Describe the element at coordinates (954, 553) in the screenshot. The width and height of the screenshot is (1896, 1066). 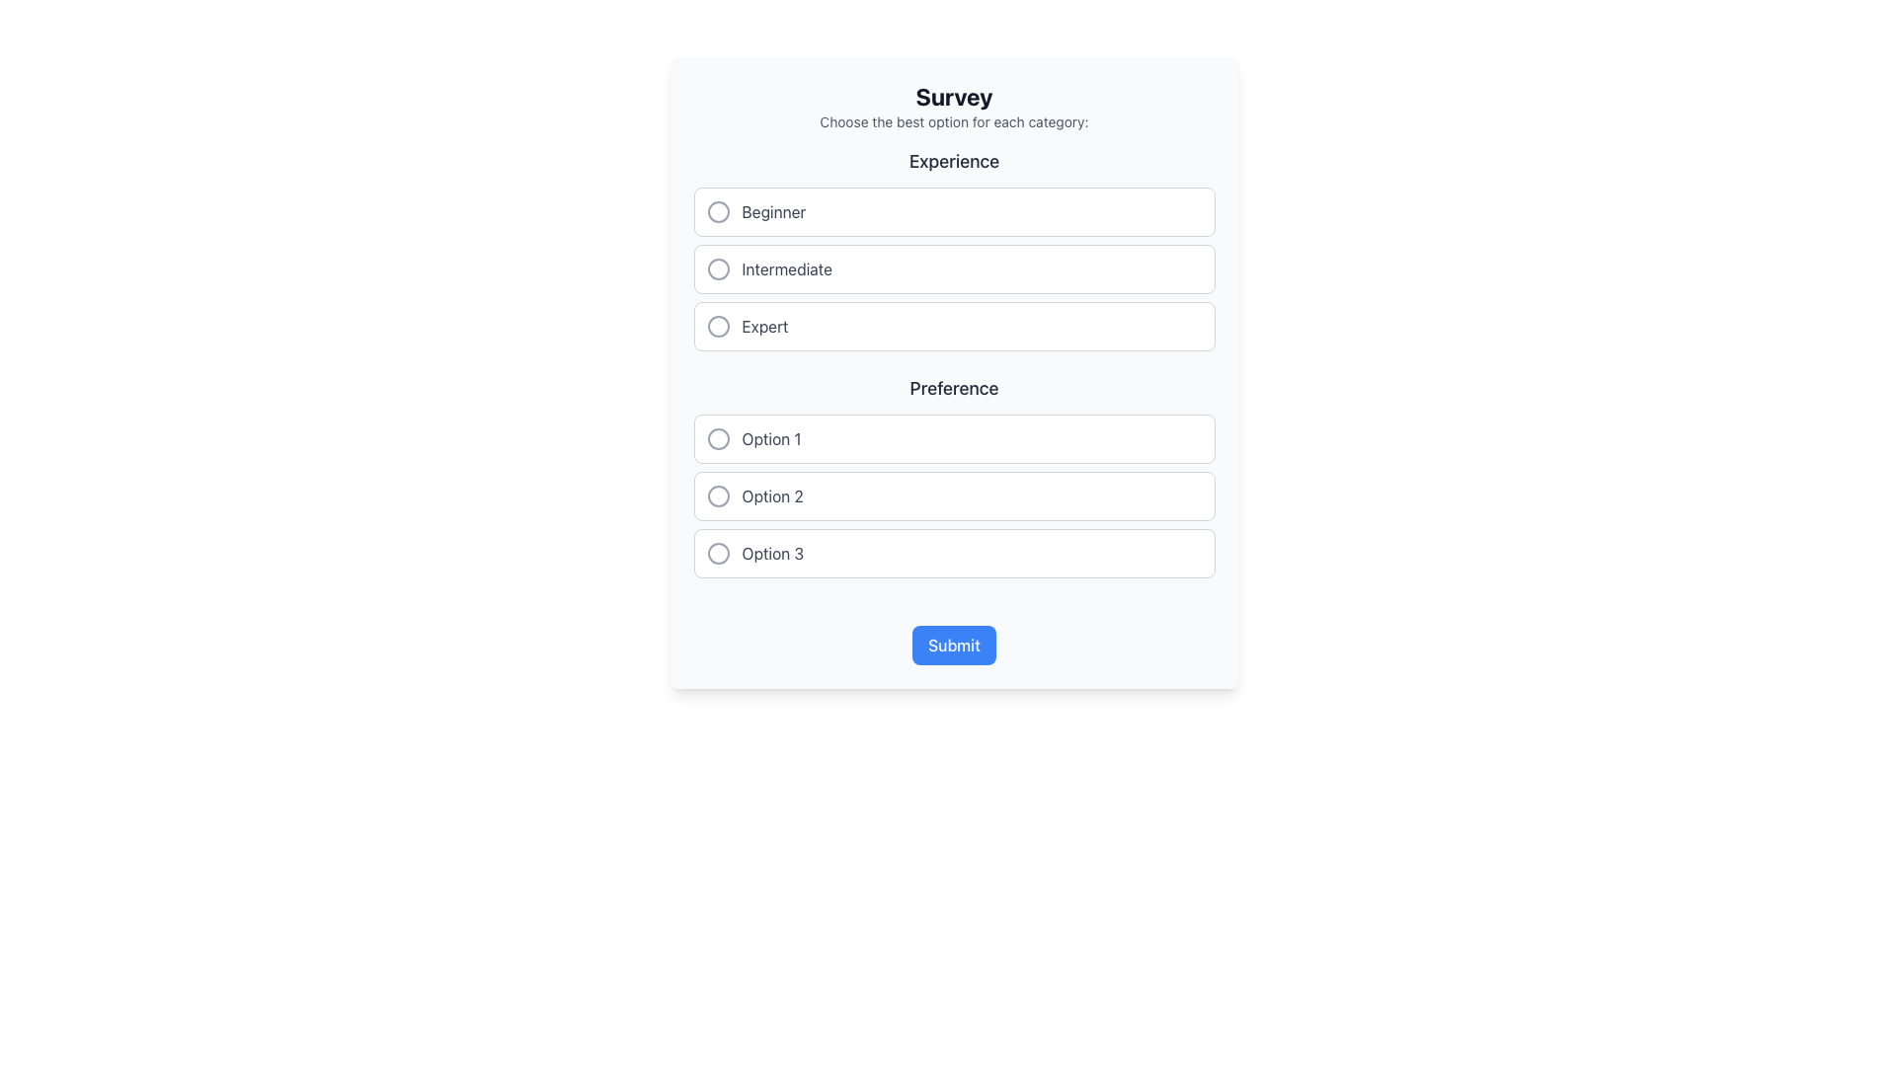
I see `the third selectable list item labeled 'Option 3' in the survey` at that location.